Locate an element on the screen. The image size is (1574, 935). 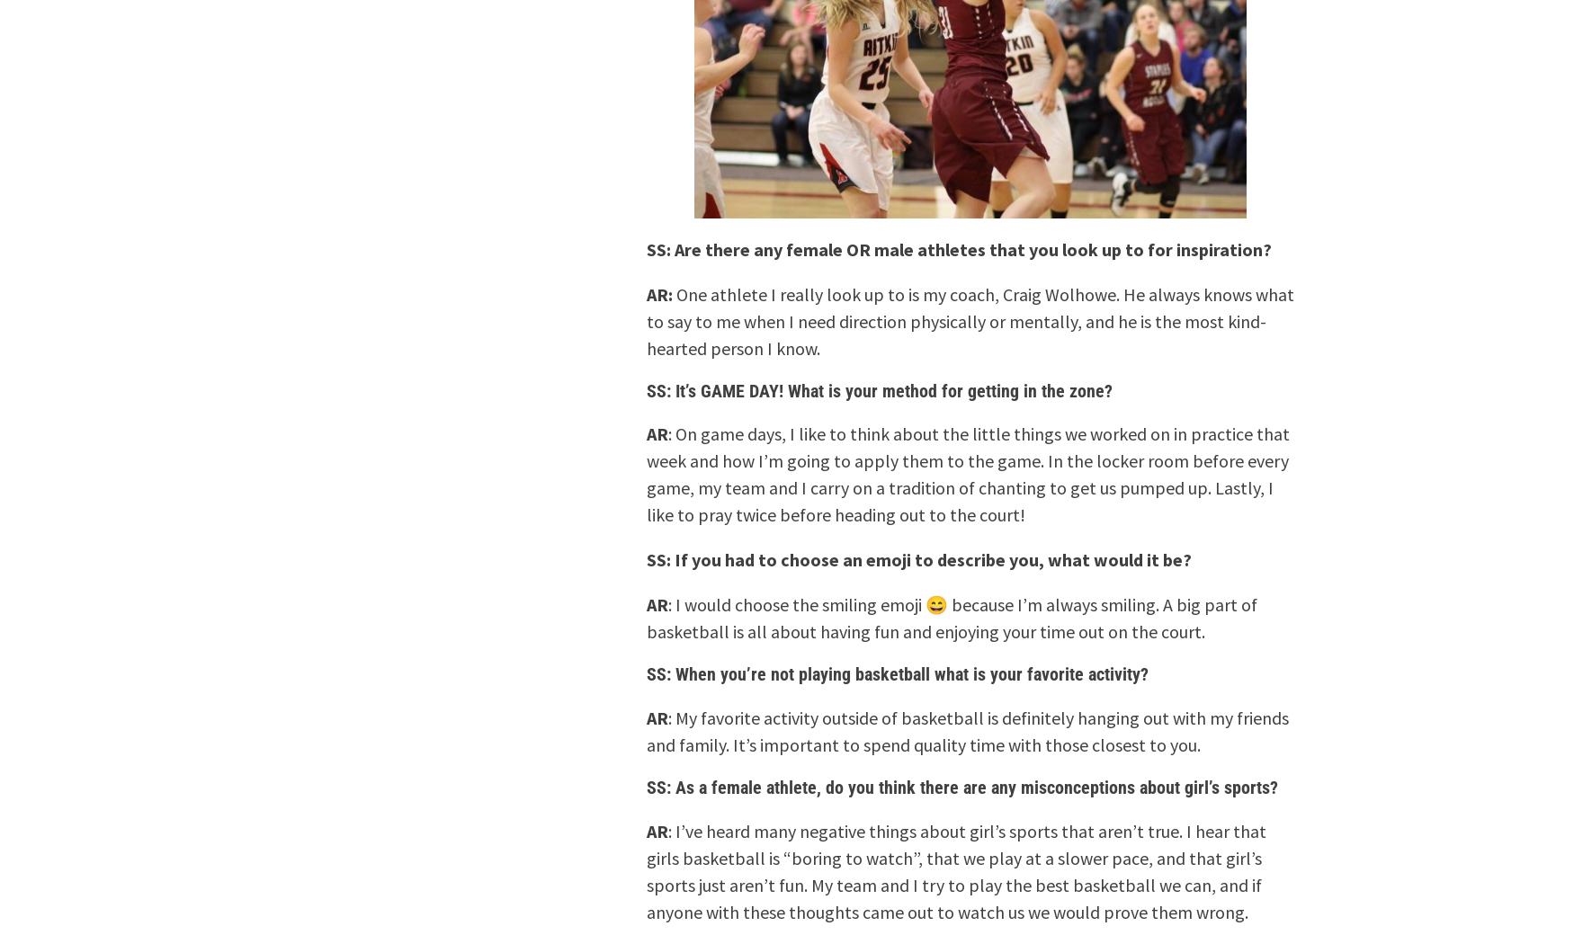
': I’ve heard many negative things about girl’s sports that aren’t true. I hear that girls basketball is “boring to watch”, that we play at a slower pace, and that girl’s sports just aren’t fun. My team and I try to play the best basketball we can, and if anyone with these thoughts came out to watch us we would prove them wrong.' is located at coordinates (955, 870).